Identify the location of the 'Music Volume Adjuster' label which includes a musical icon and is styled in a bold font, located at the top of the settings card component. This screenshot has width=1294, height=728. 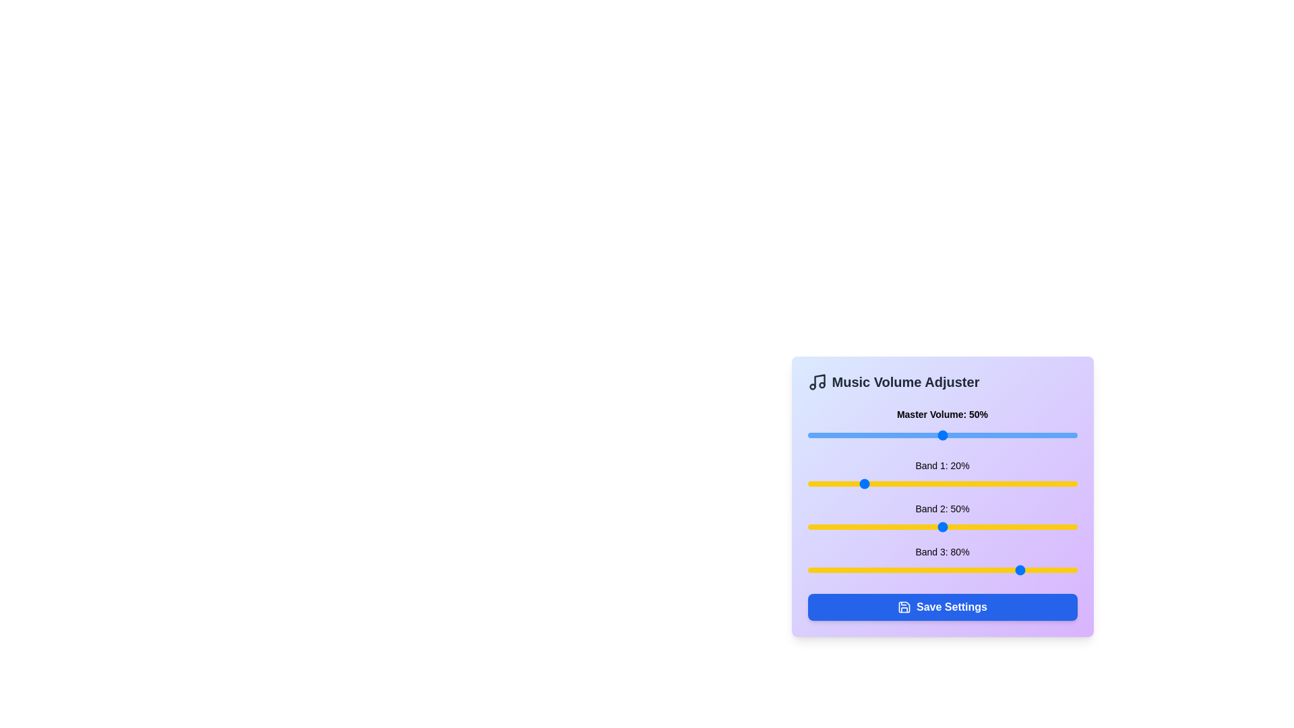
(942, 382).